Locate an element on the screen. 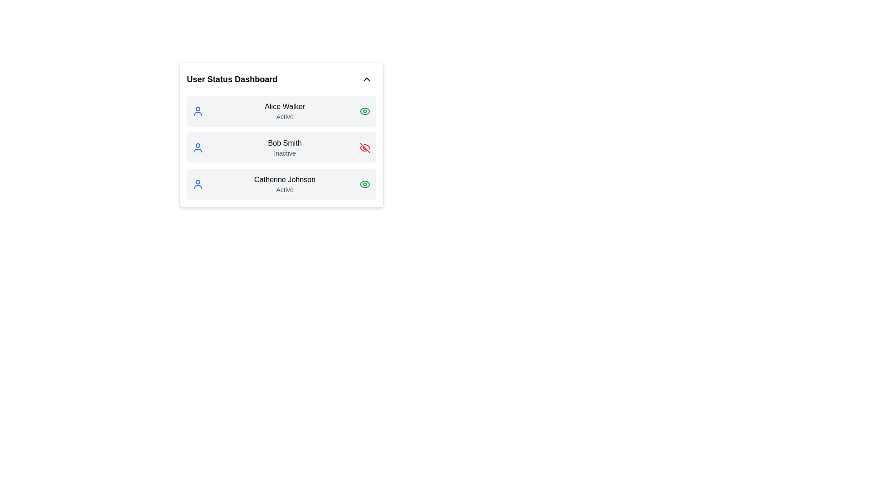  the Status label indicating 'Alice Walker' is active, located beneath the name label in the user status dashboard is located at coordinates (284, 116).